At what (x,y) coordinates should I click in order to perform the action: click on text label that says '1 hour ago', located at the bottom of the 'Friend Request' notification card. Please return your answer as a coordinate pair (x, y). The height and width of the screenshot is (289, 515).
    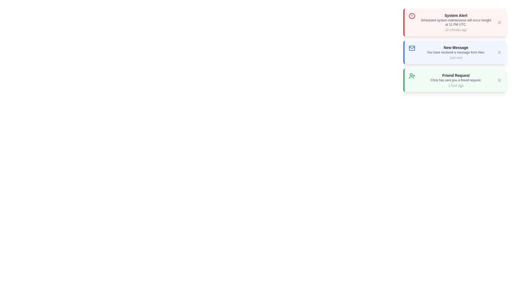
    Looking at the image, I should click on (455, 85).